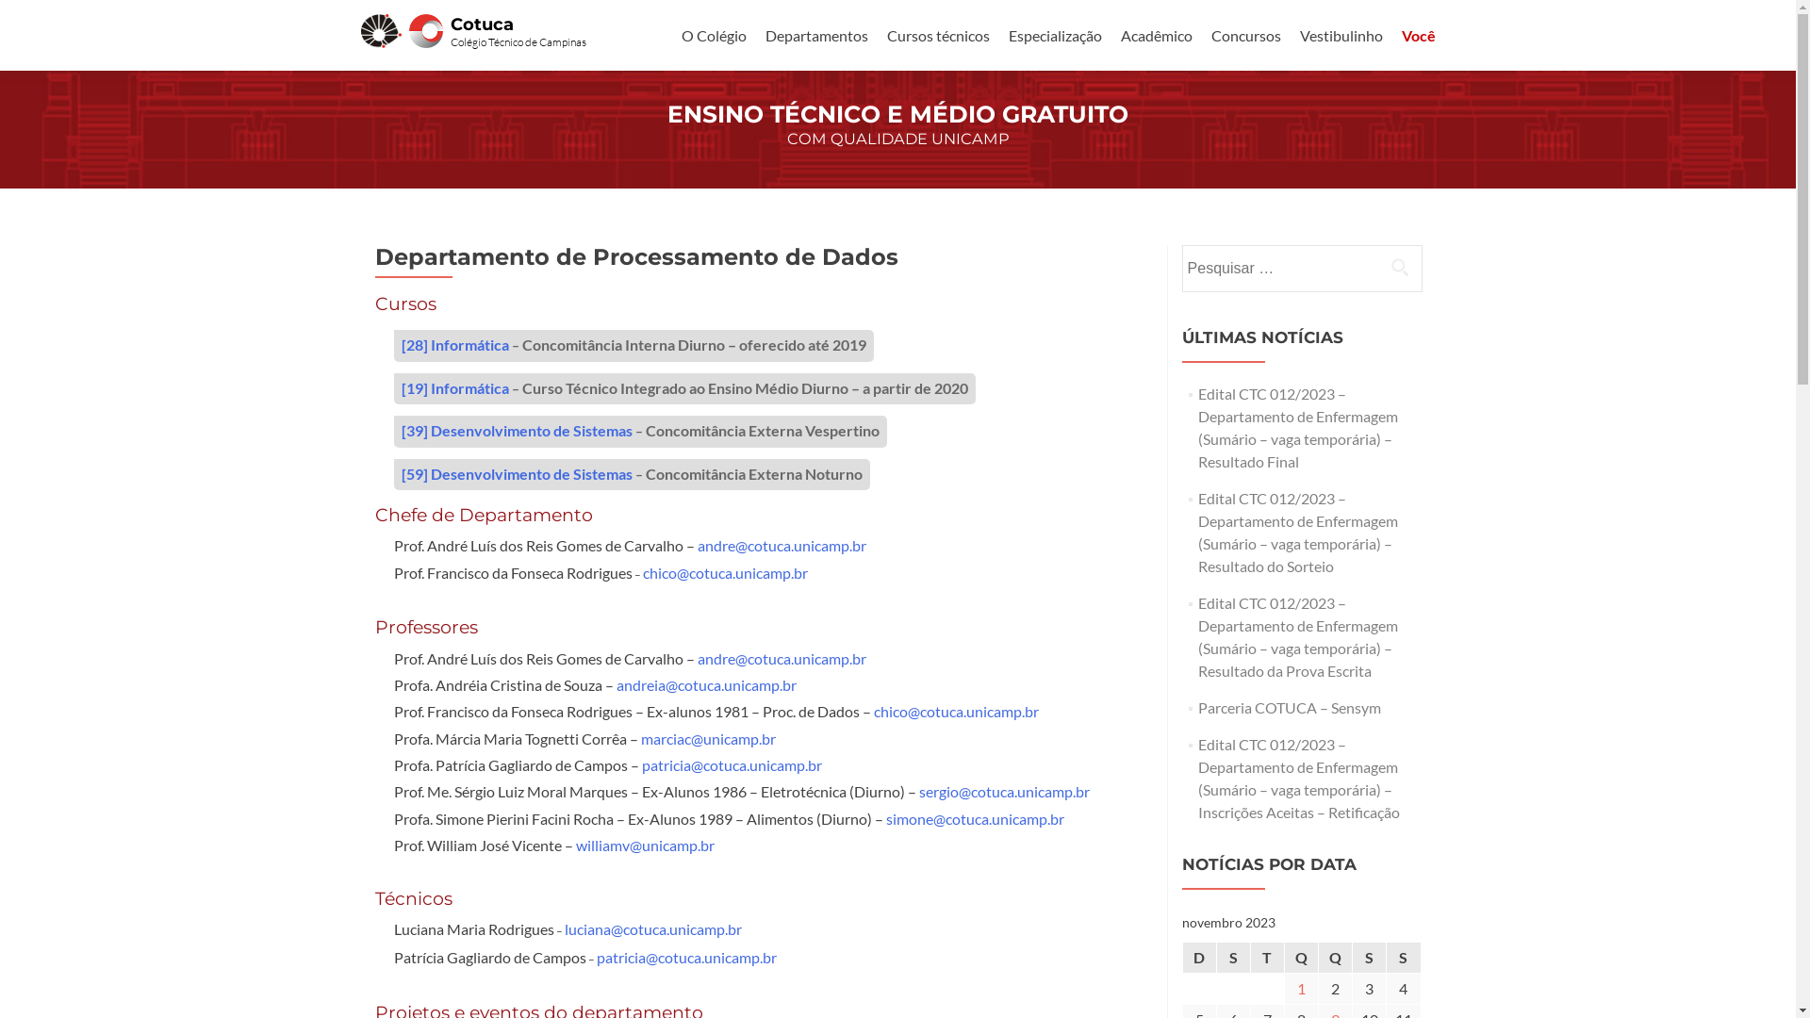 The width and height of the screenshot is (1810, 1018). I want to click on '1', so click(1300, 988).